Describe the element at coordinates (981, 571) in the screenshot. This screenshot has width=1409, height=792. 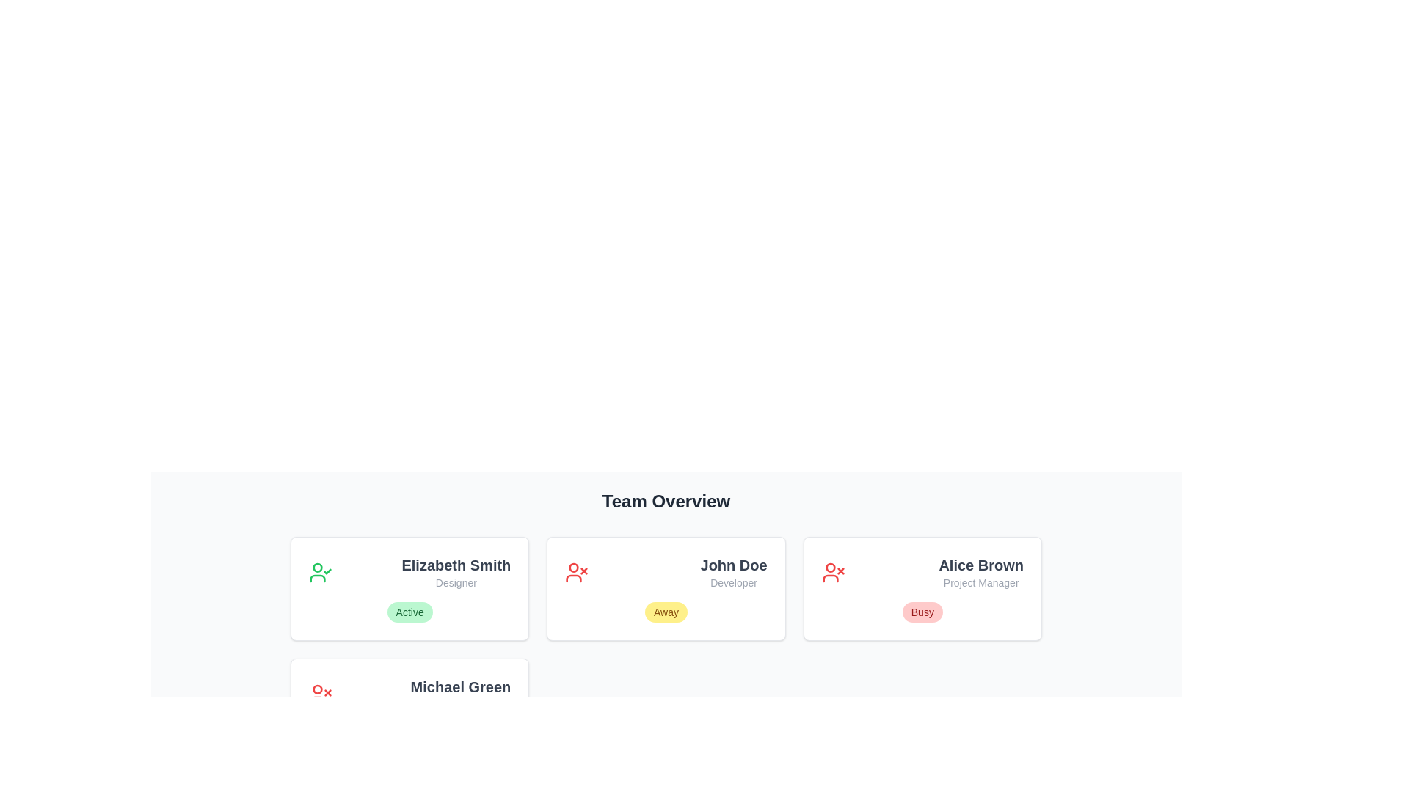
I see `the Text label displaying 'Alice Brown' and 'Project Manager' located in the rightmost card under the 'Team Overview' heading, situated above the 'Busy' status indicator` at that location.